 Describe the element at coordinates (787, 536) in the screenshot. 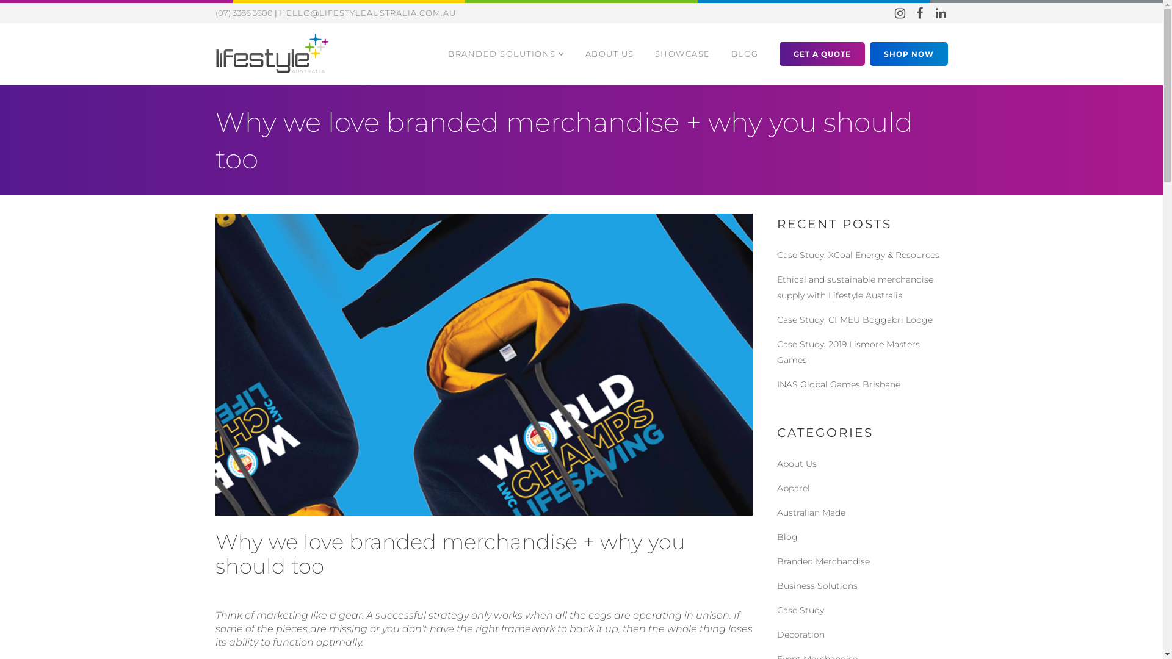

I see `'Blog'` at that location.